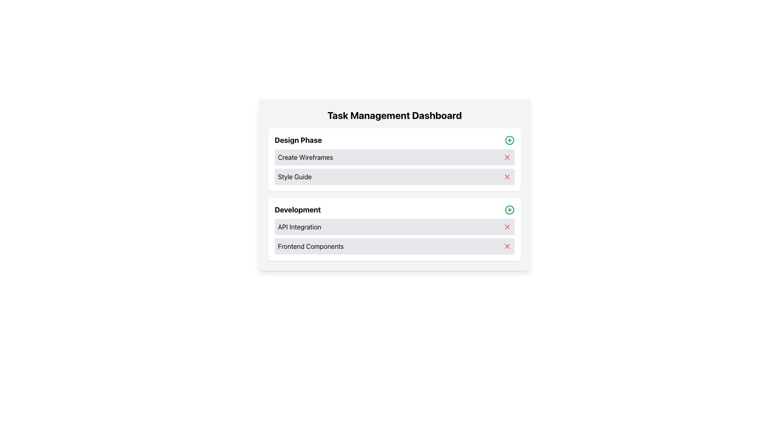 The width and height of the screenshot is (778, 437). I want to click on the 'API Integration' and 'Frontend Components' row in the Development section of the Task Management Dashboard, so click(395, 237).